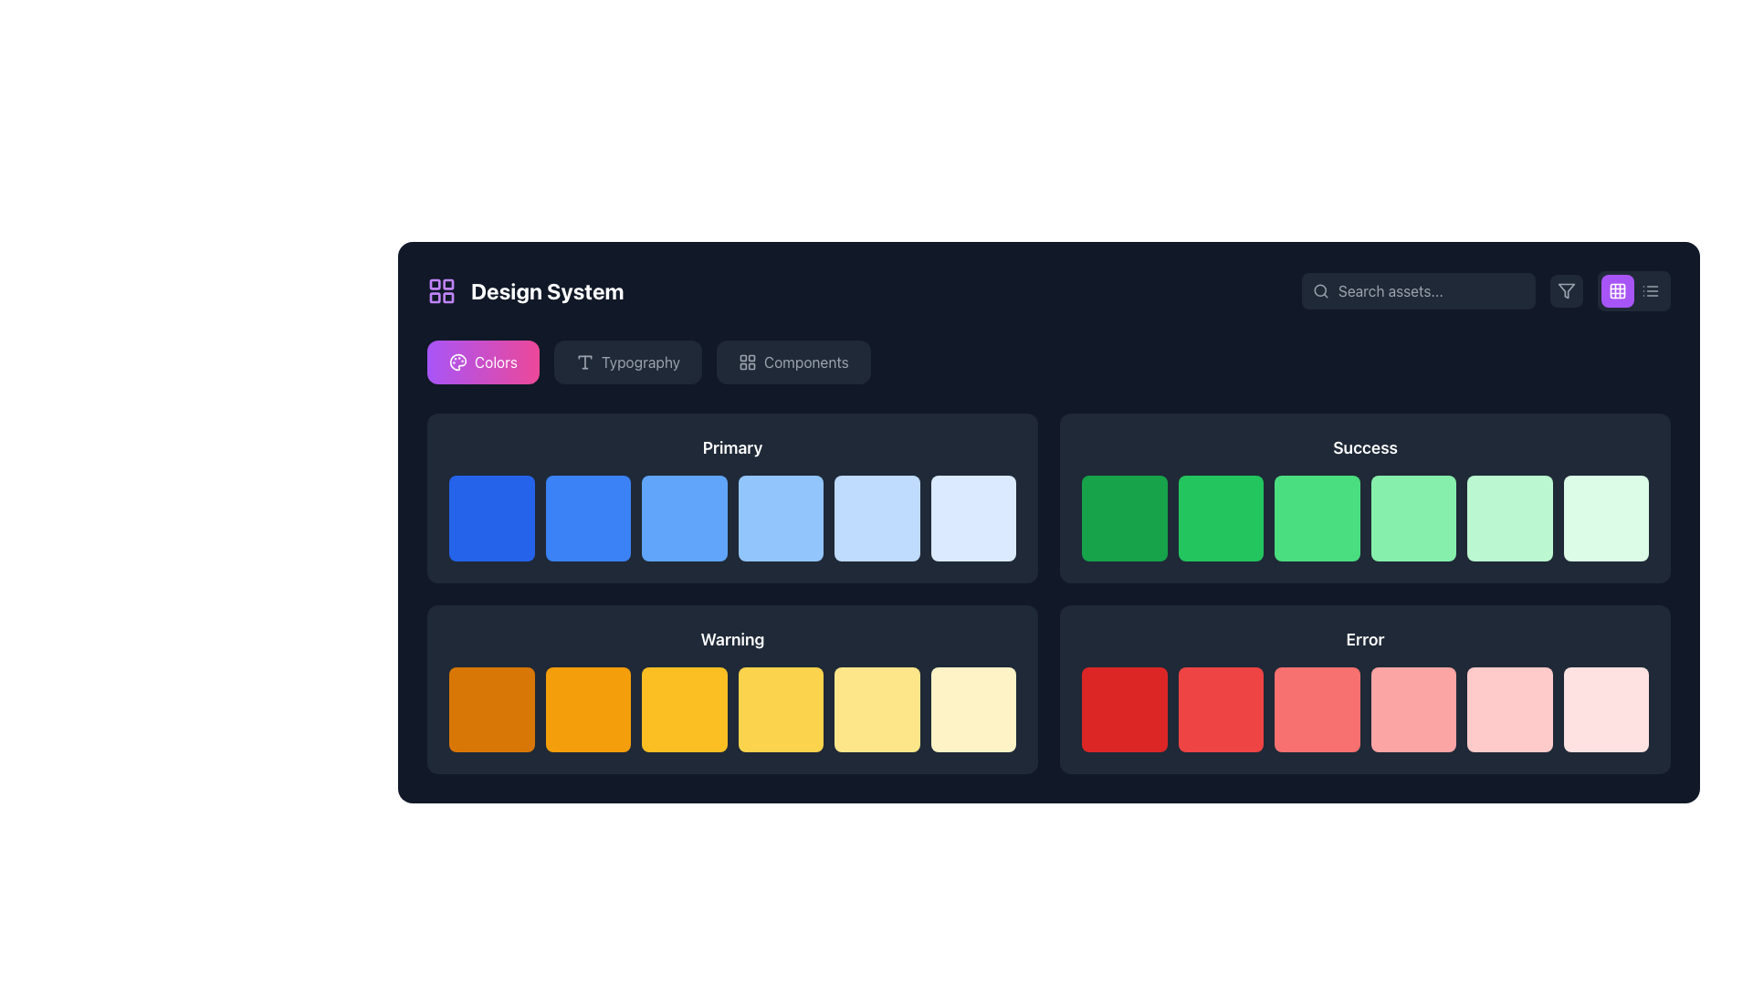 The height and width of the screenshot is (986, 1753). Describe the element at coordinates (1418, 290) in the screenshot. I see `inside the text input field located in the upper-right section of the UI to focus the input` at that location.